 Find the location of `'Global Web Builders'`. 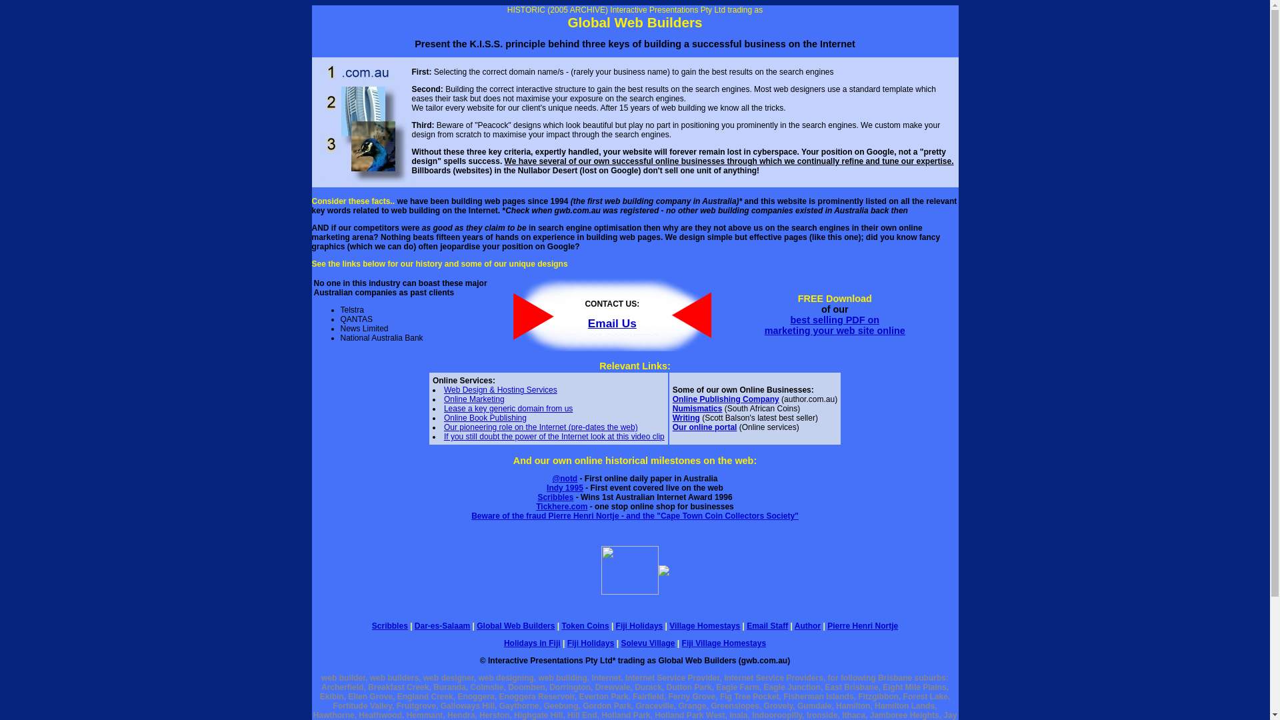

'Global Web Builders' is located at coordinates (515, 625).